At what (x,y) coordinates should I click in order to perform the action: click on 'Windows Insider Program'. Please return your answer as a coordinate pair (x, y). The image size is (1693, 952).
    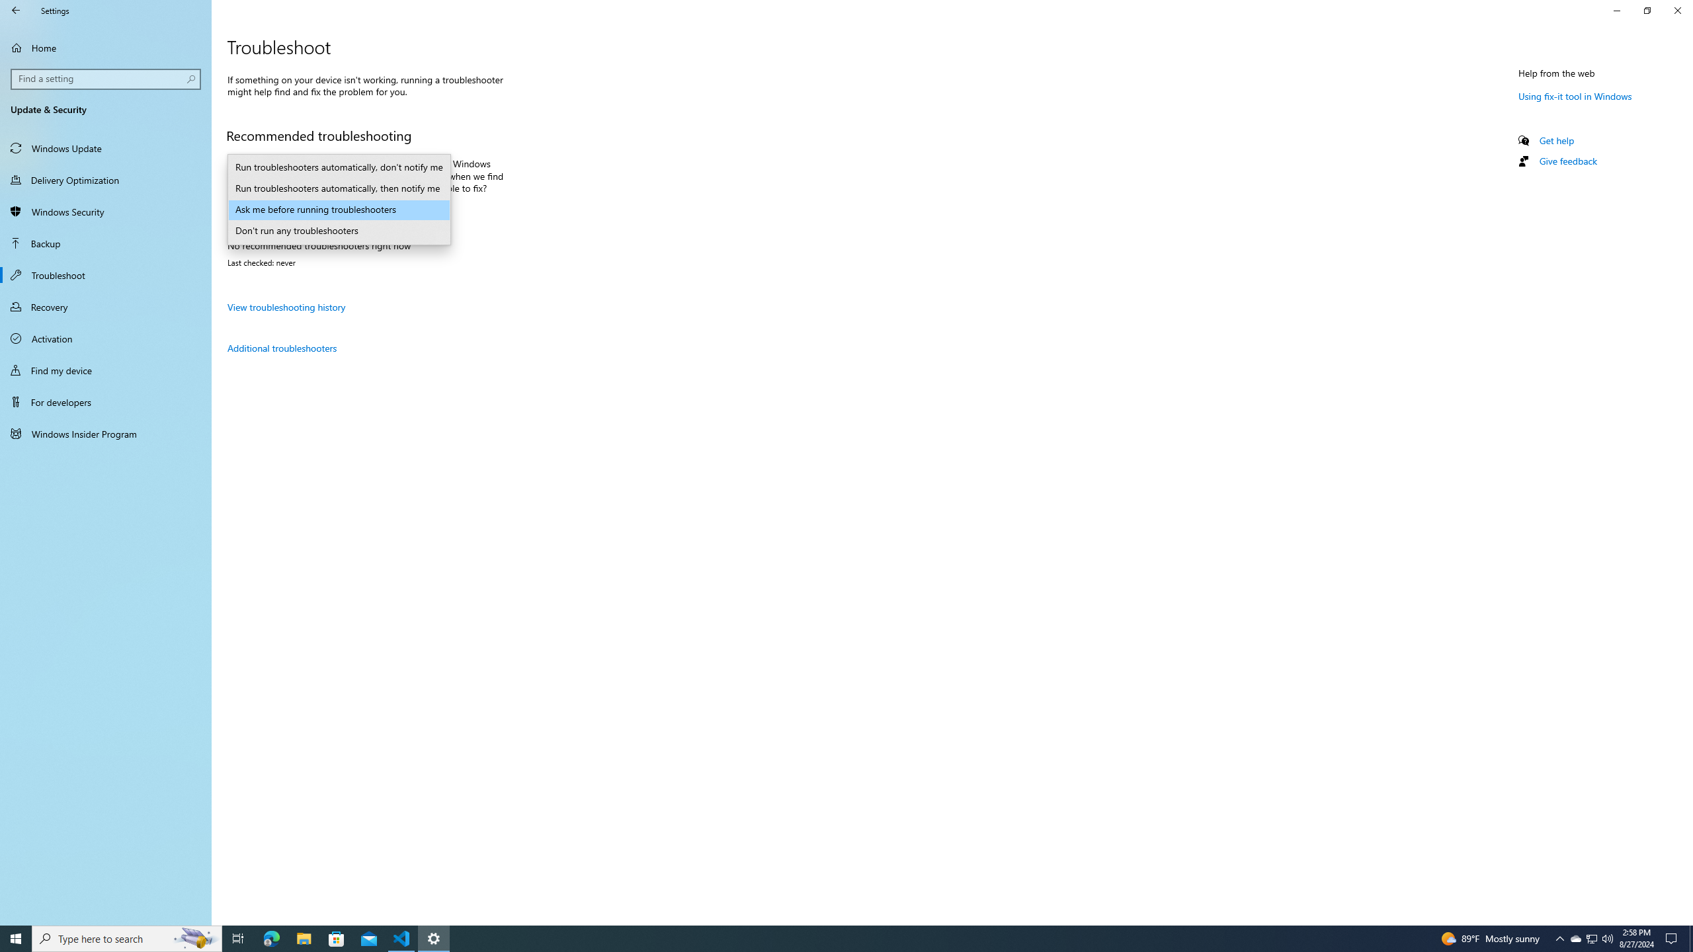
    Looking at the image, I should click on (105, 432).